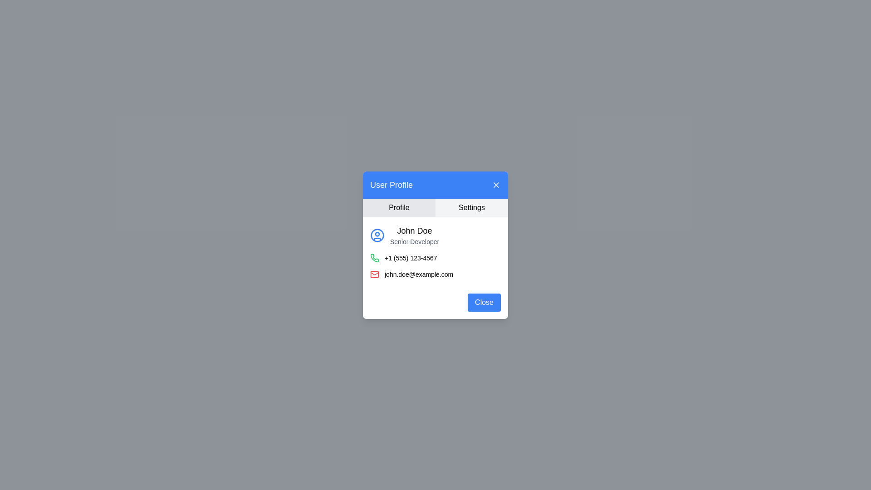 The width and height of the screenshot is (871, 490). Describe the element at coordinates (496, 184) in the screenshot. I see `the cross icon located at the top-right of the blue header` at that location.